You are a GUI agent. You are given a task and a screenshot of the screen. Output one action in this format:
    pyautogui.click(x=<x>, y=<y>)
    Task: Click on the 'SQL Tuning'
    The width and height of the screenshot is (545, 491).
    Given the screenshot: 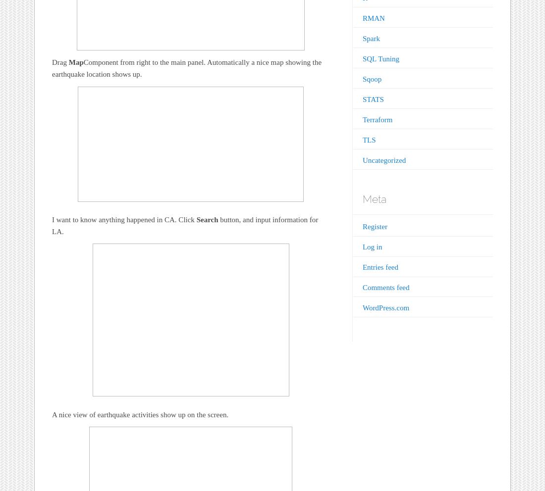 What is the action you would take?
    pyautogui.click(x=381, y=58)
    